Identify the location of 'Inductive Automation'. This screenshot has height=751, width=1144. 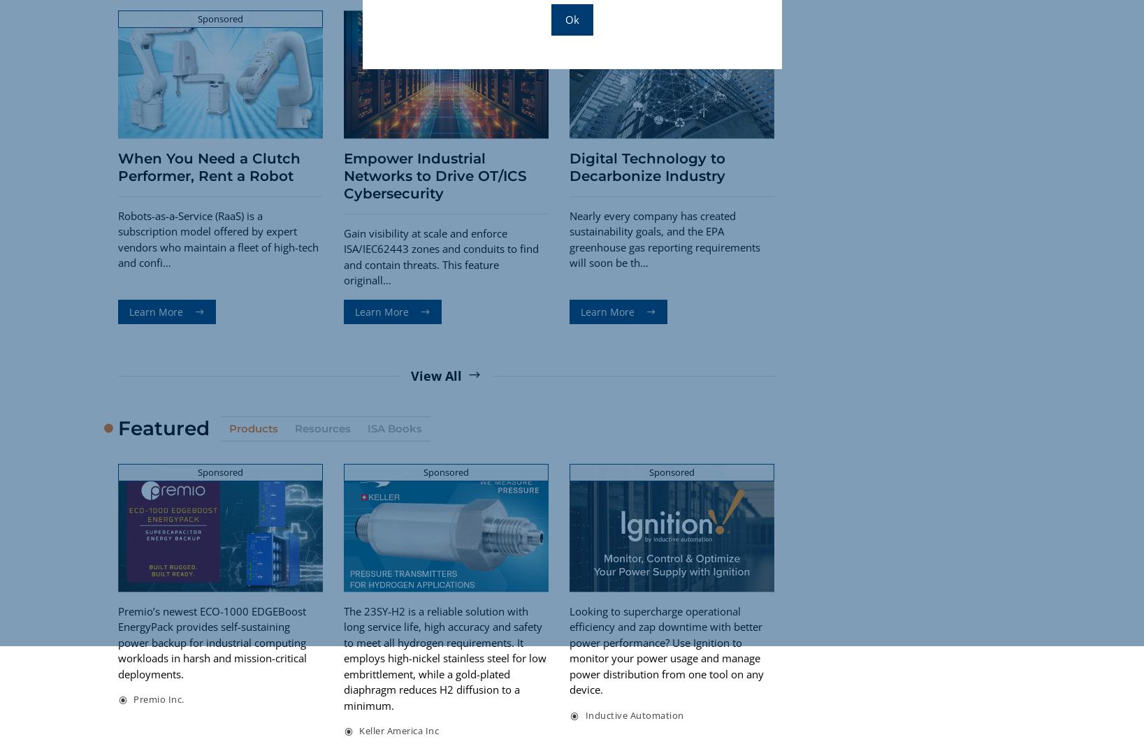
(633, 713).